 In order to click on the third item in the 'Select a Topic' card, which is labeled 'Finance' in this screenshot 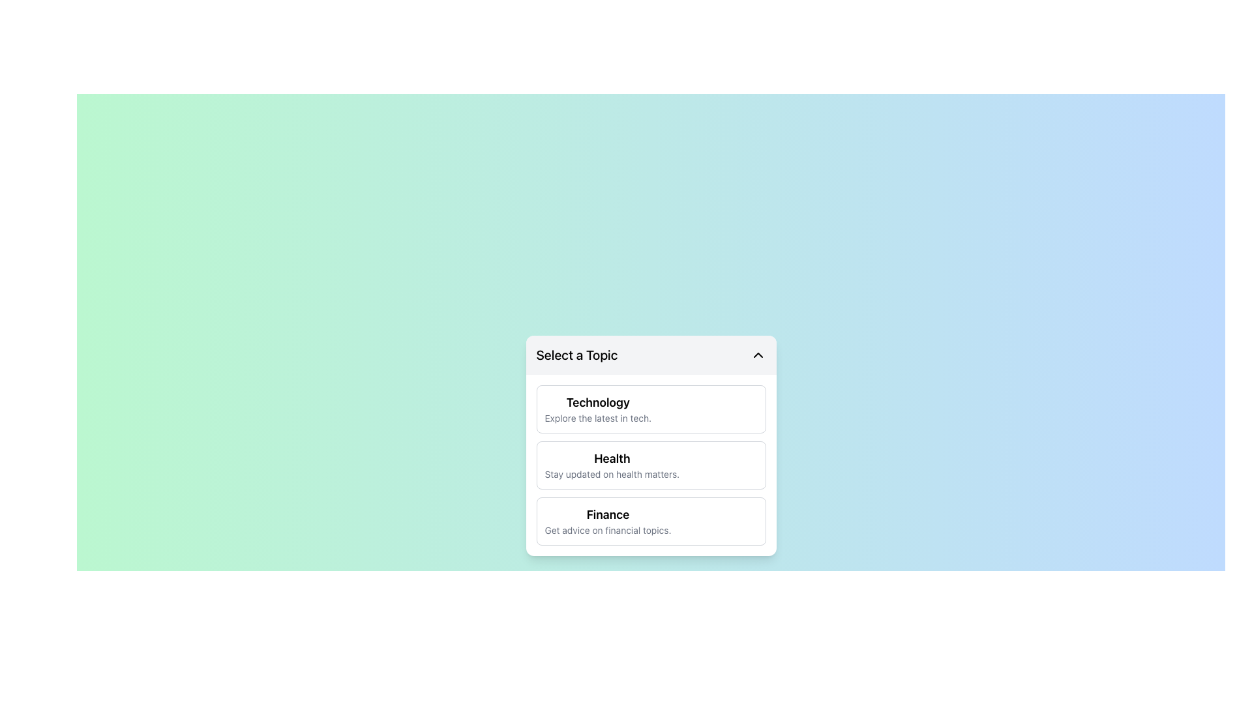, I will do `click(607, 520)`.